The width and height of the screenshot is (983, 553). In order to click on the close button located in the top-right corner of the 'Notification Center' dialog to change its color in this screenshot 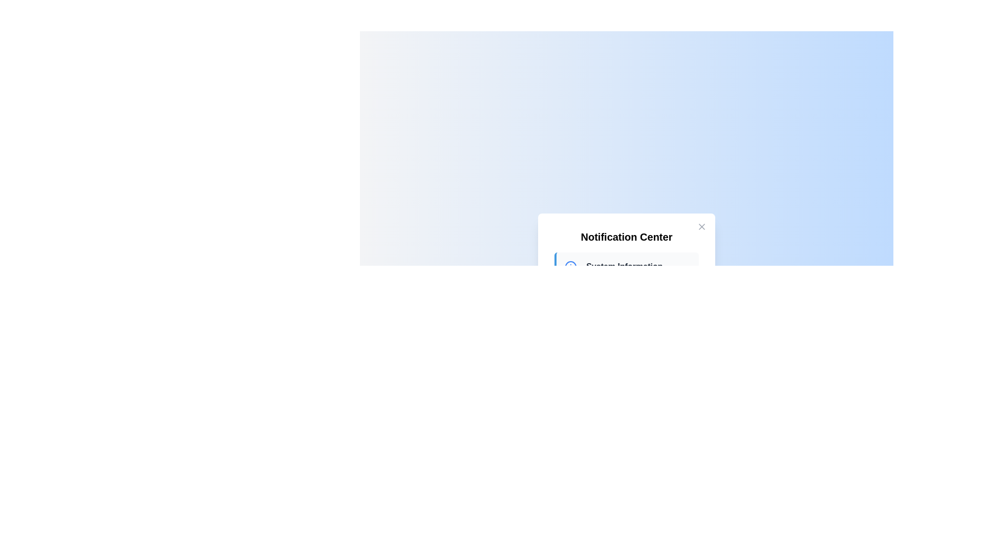, I will do `click(701, 226)`.